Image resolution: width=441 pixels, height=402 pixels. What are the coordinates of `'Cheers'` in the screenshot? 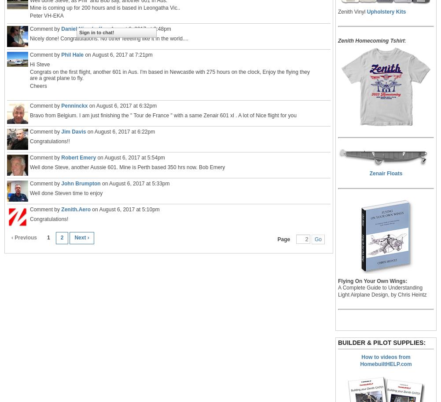 It's located at (37, 85).